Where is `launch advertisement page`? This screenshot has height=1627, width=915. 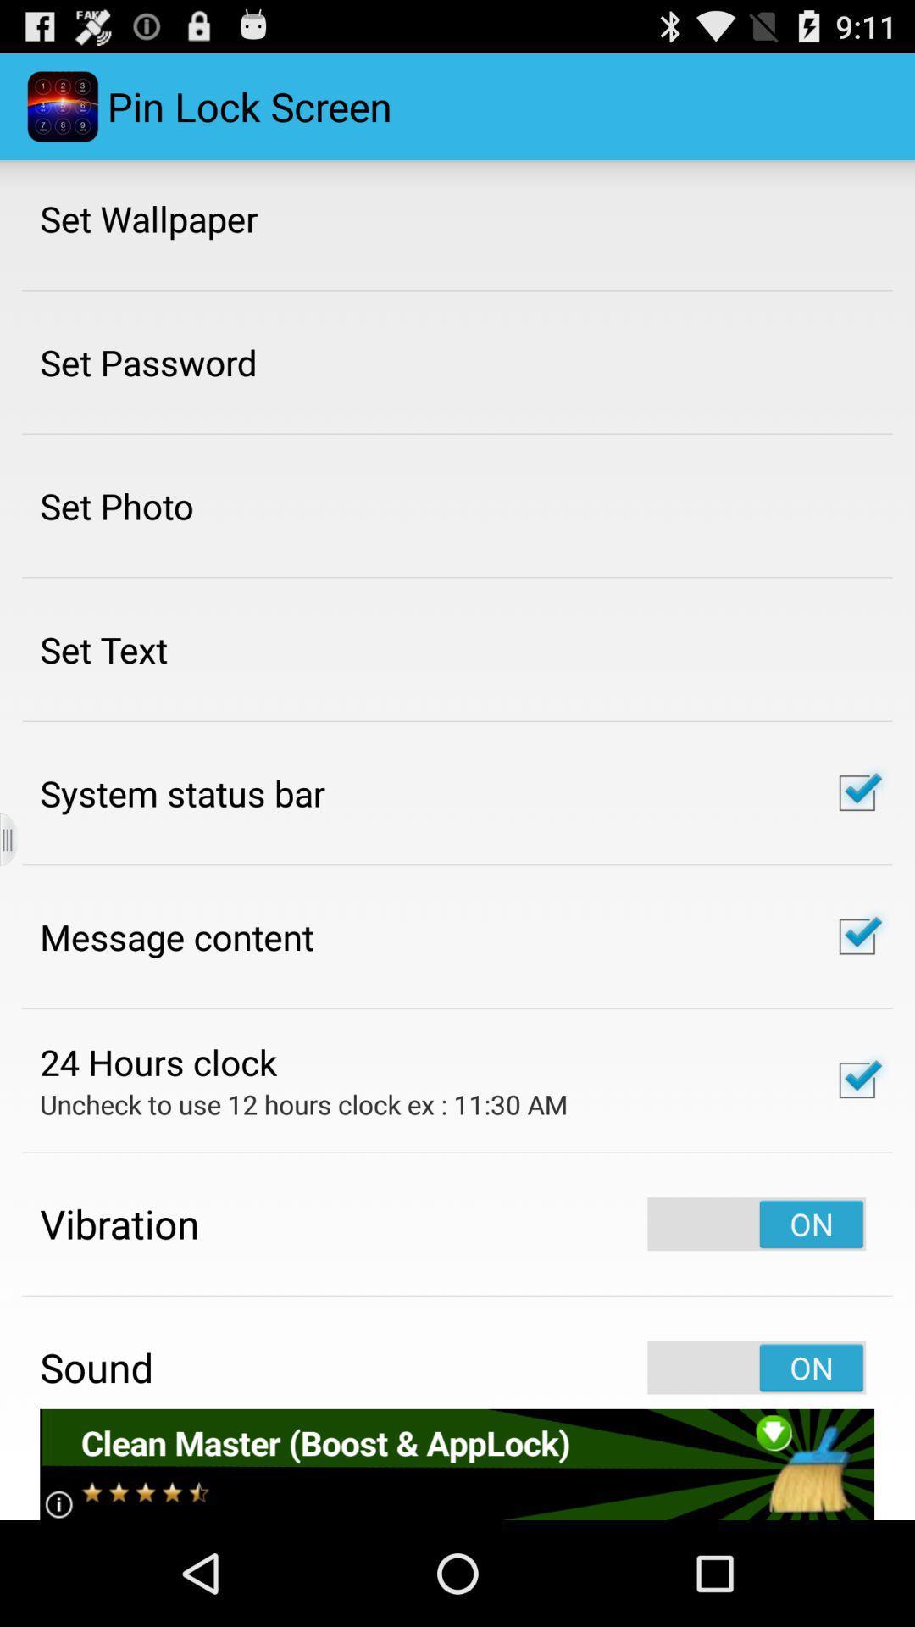 launch advertisement page is located at coordinates (456, 1463).